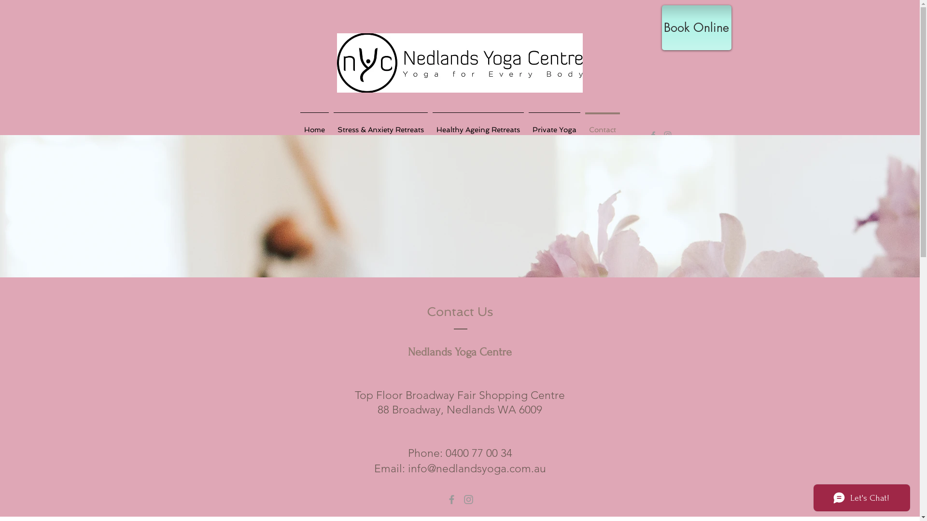 This screenshot has height=521, width=927. What do you see at coordinates (696, 27) in the screenshot?
I see `'Book Online'` at bounding box center [696, 27].